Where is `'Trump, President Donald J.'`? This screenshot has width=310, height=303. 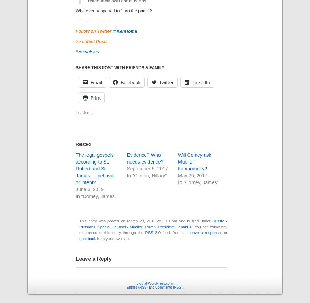
'Trump, President Donald J.' is located at coordinates (168, 226).